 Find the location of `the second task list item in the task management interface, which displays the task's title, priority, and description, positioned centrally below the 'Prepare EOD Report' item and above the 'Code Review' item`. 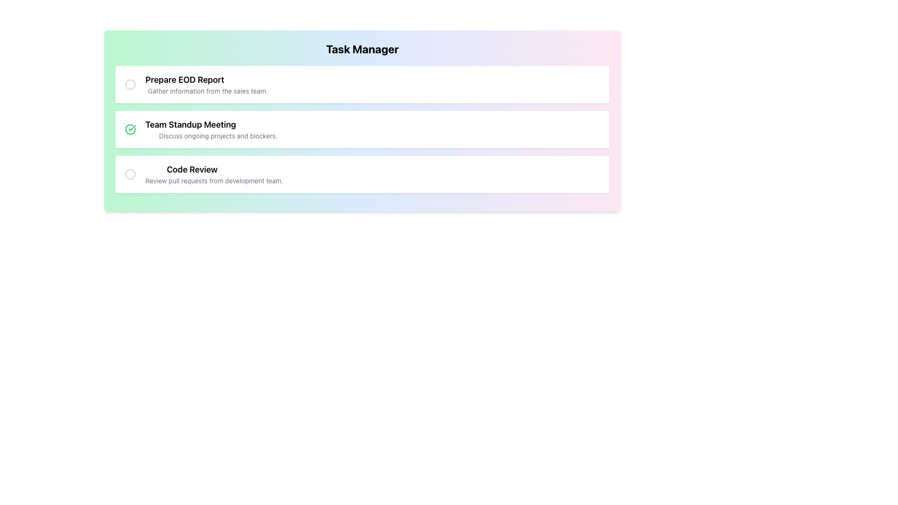

the second task list item in the task management interface, which displays the task's title, priority, and description, positioned centrally below the 'Prepare EOD Report' item and above the 'Code Review' item is located at coordinates (362, 130).